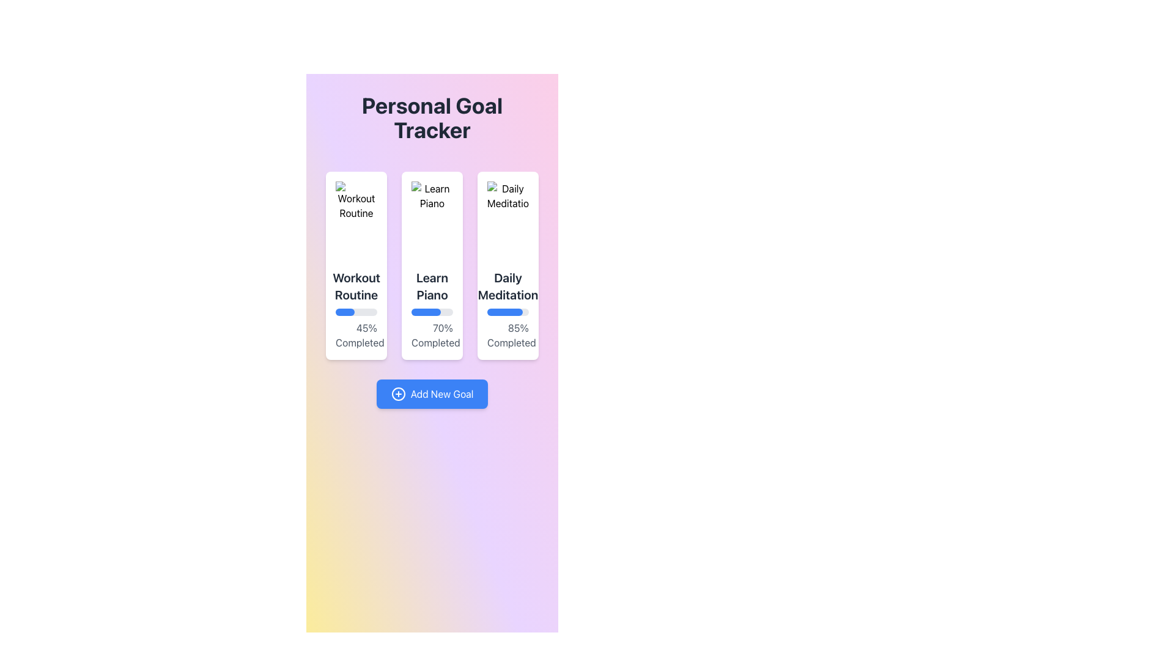 This screenshot has width=1174, height=660. I want to click on the heading text displaying 'Daily Meditation', which is a bold, large, dark gray text centrally positioned within the rightmost card of three horizontal cards, so click(508, 287).